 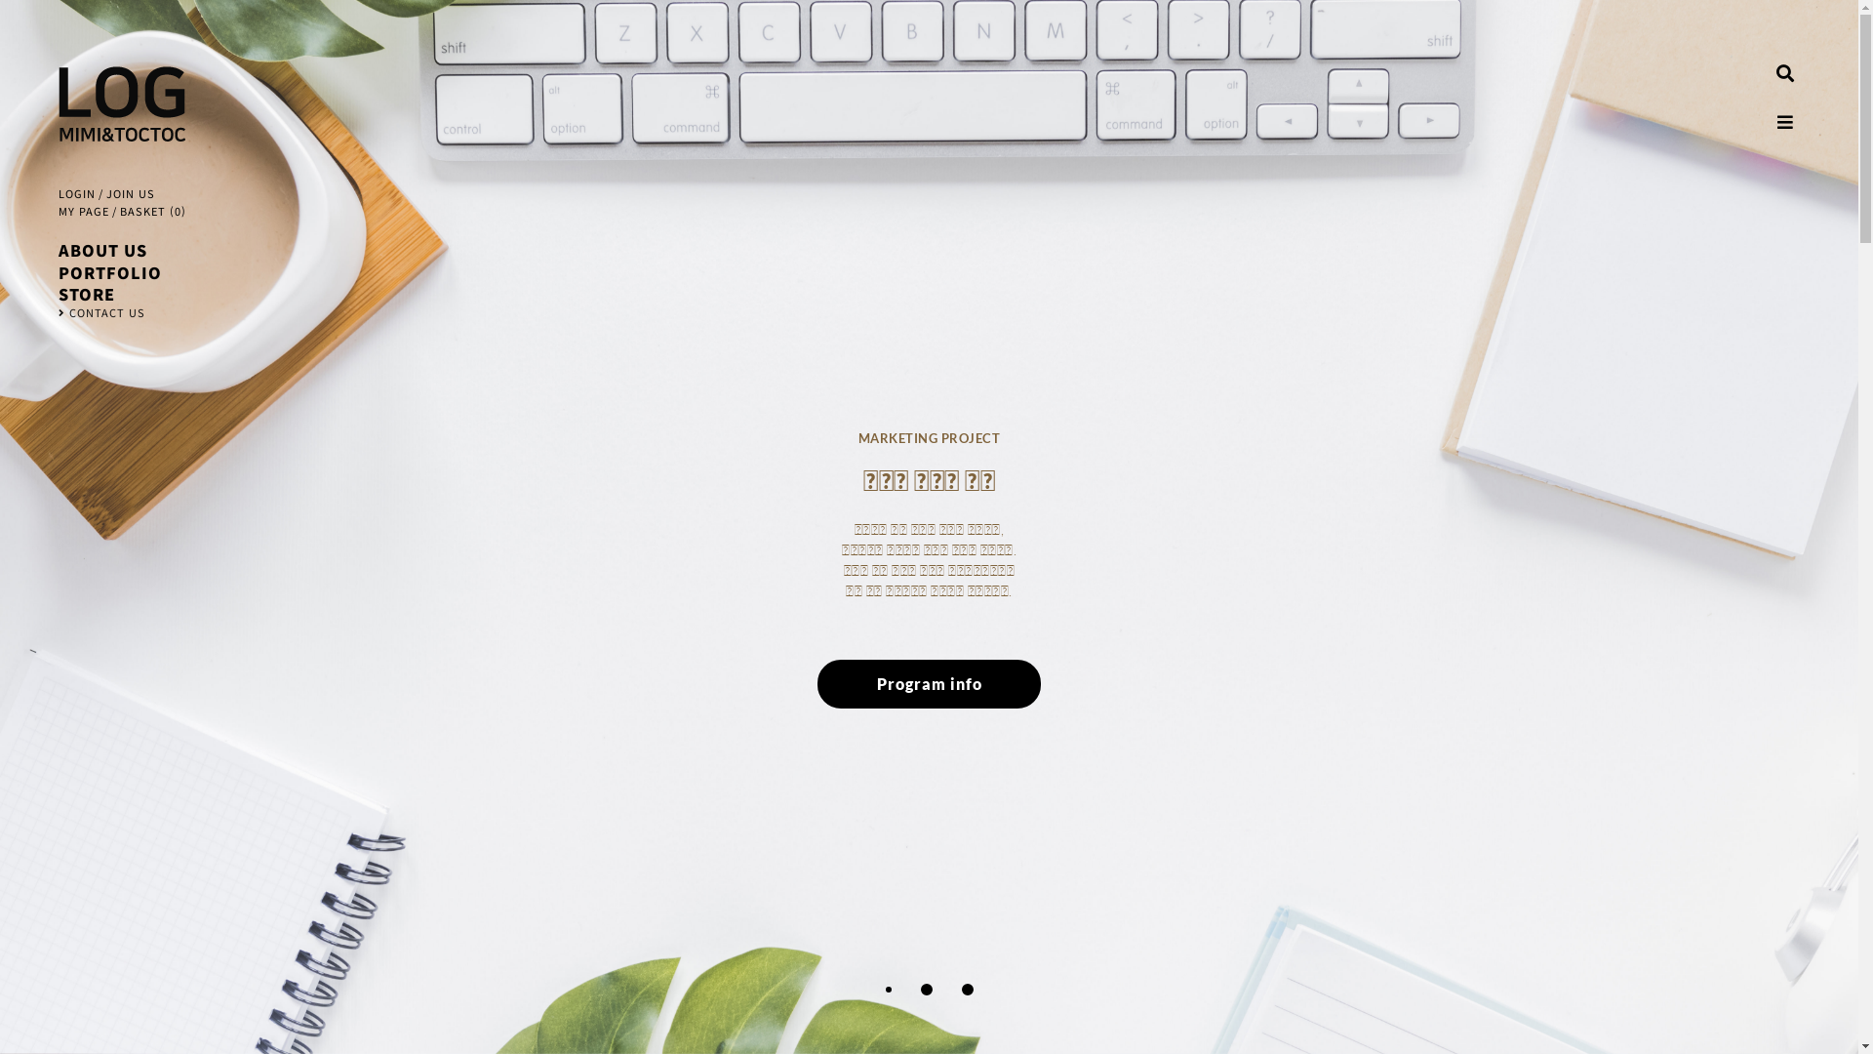 What do you see at coordinates (470, 605) in the screenshot?
I see `'Program info'` at bounding box center [470, 605].